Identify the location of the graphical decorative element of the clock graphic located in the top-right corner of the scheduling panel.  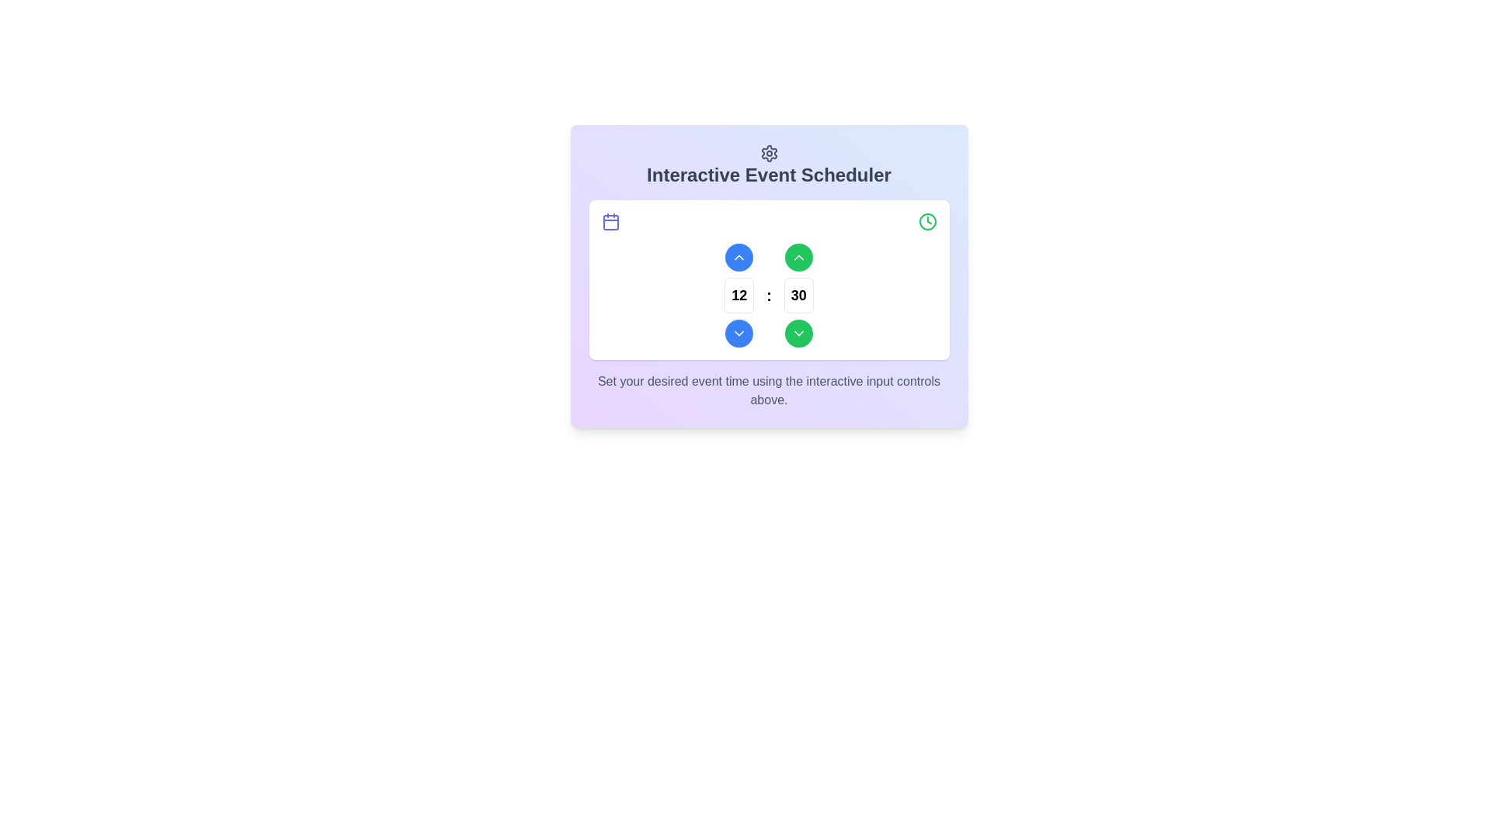
(927, 221).